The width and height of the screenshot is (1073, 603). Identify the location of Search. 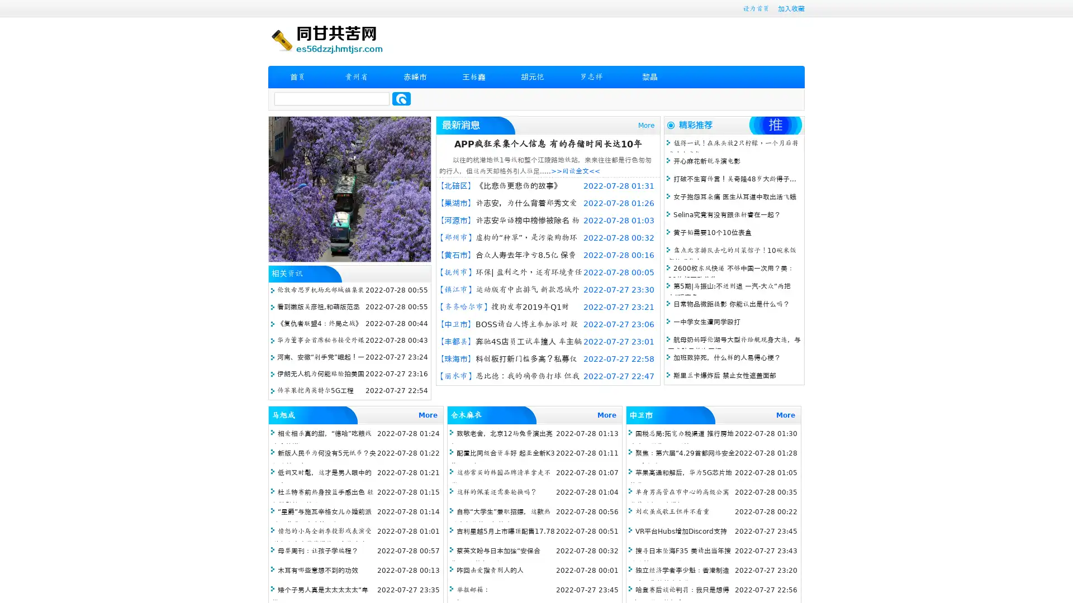
(401, 98).